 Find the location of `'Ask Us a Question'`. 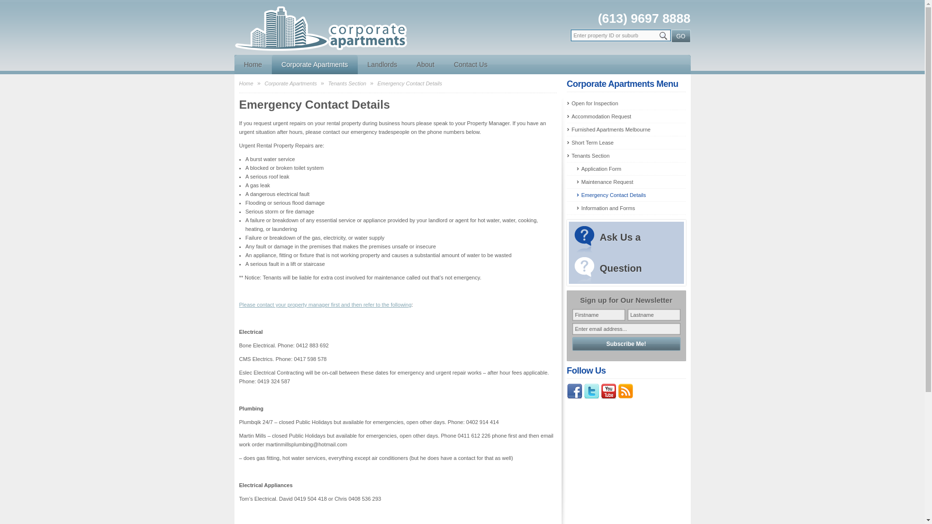

'Ask Us a Question' is located at coordinates (626, 252).